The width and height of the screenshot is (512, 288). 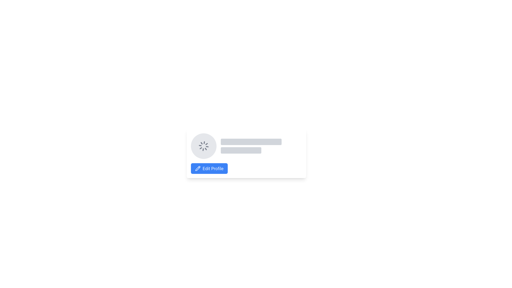 What do you see at coordinates (209, 169) in the screenshot?
I see `the blue 'Edit Profile' button with a pencil icon` at bounding box center [209, 169].